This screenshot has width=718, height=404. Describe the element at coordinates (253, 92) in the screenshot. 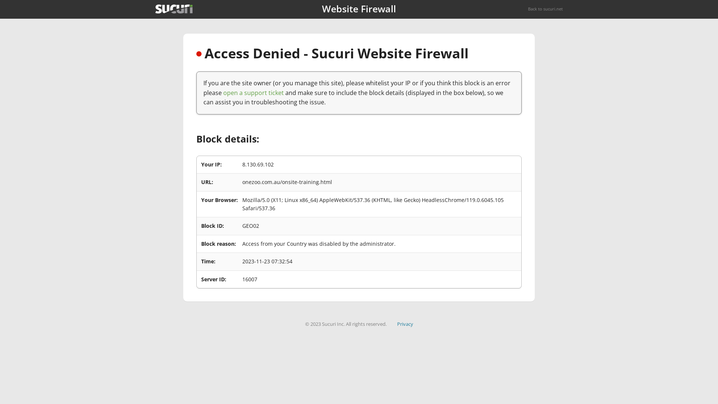

I see `'open a support ticket'` at that location.